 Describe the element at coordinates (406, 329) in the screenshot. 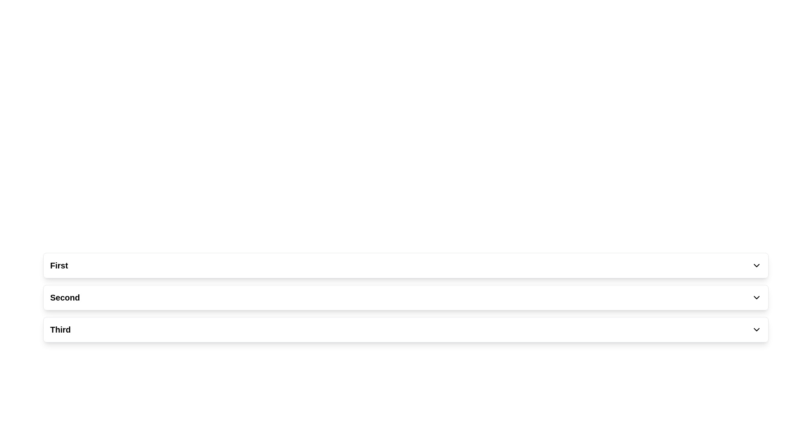

I see `the third list item labeled 'Third' with an expandable dropdown functionality` at that location.